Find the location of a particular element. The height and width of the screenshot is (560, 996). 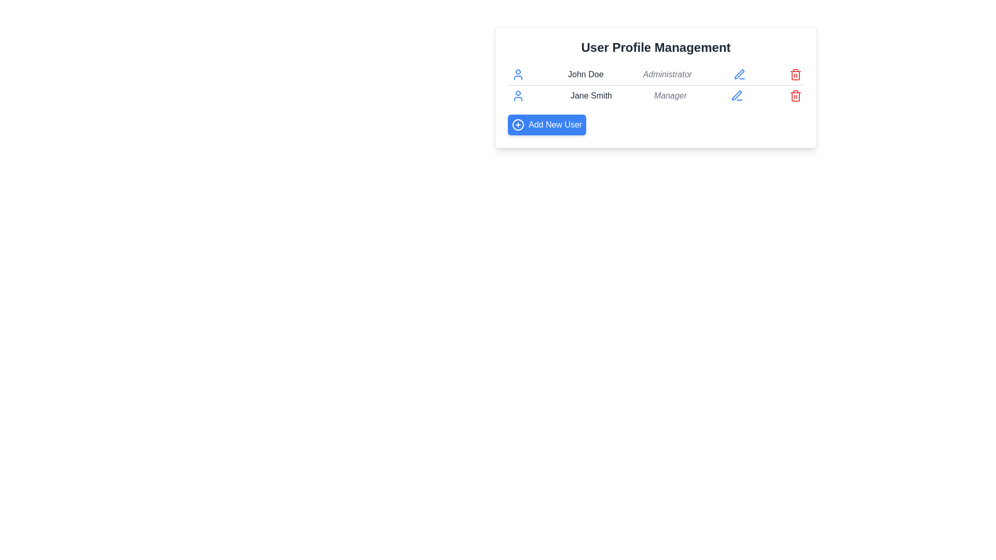

the rectangular button with a blue background and white text that displays 'Add New User', located below the list of users in the 'User Profile Management' card is located at coordinates (546, 124).